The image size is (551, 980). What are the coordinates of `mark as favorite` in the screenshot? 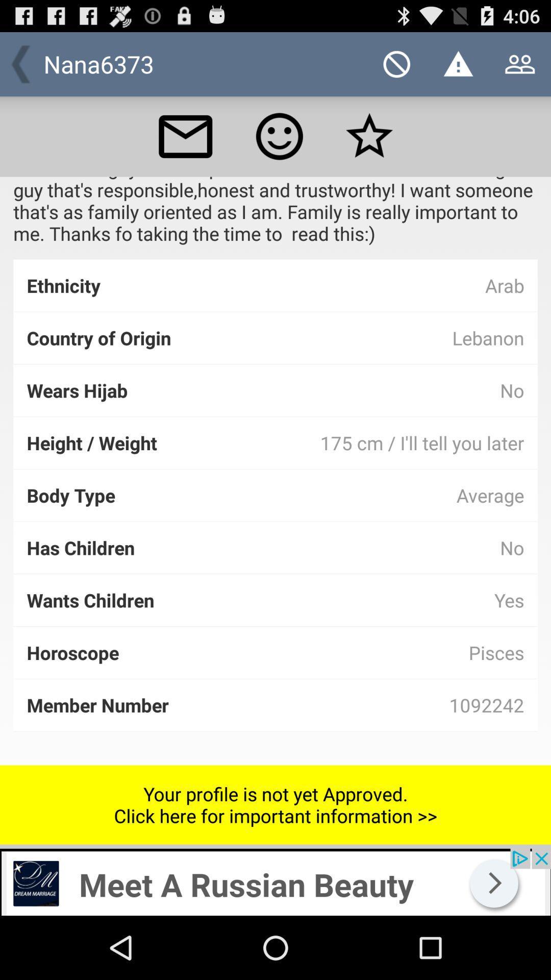 It's located at (369, 136).